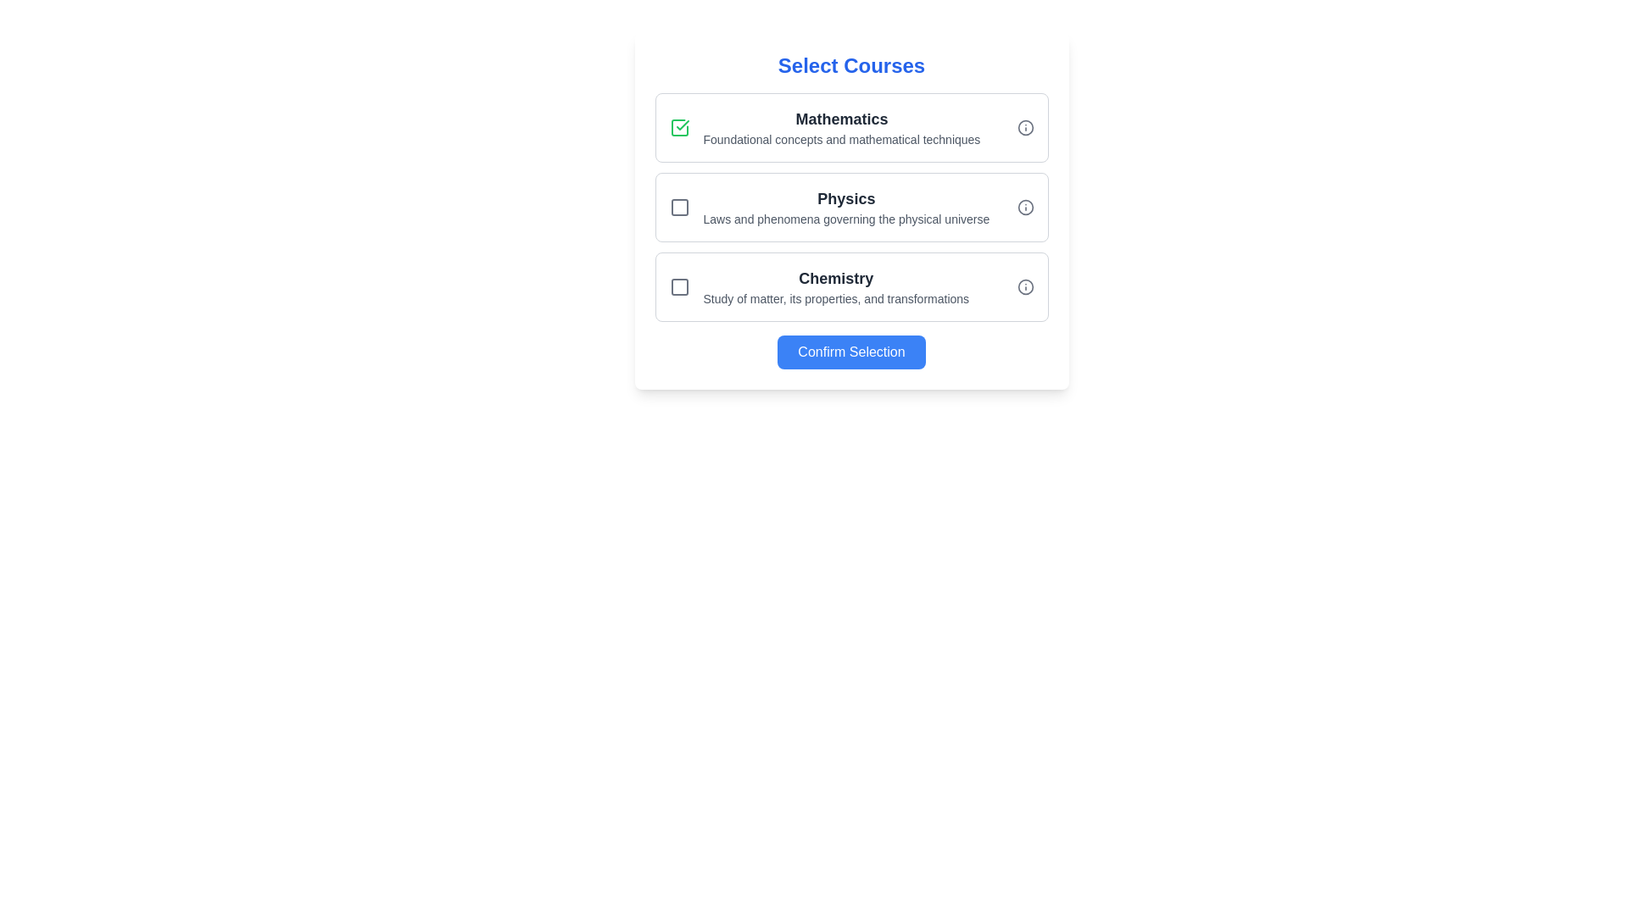 The image size is (1628, 915). Describe the element at coordinates (1024, 286) in the screenshot. I see `the SVG Circle element located at the bottom section of the list, adjacent to the 'Chemistry' course option` at that location.